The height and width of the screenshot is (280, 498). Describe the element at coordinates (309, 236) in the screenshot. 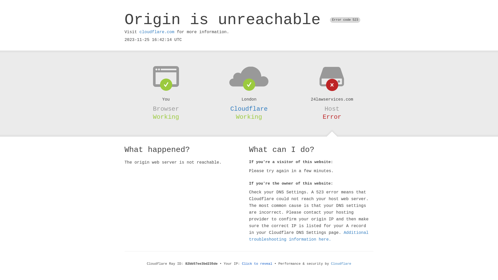

I see `'Additional troubleshooting information here.'` at that location.